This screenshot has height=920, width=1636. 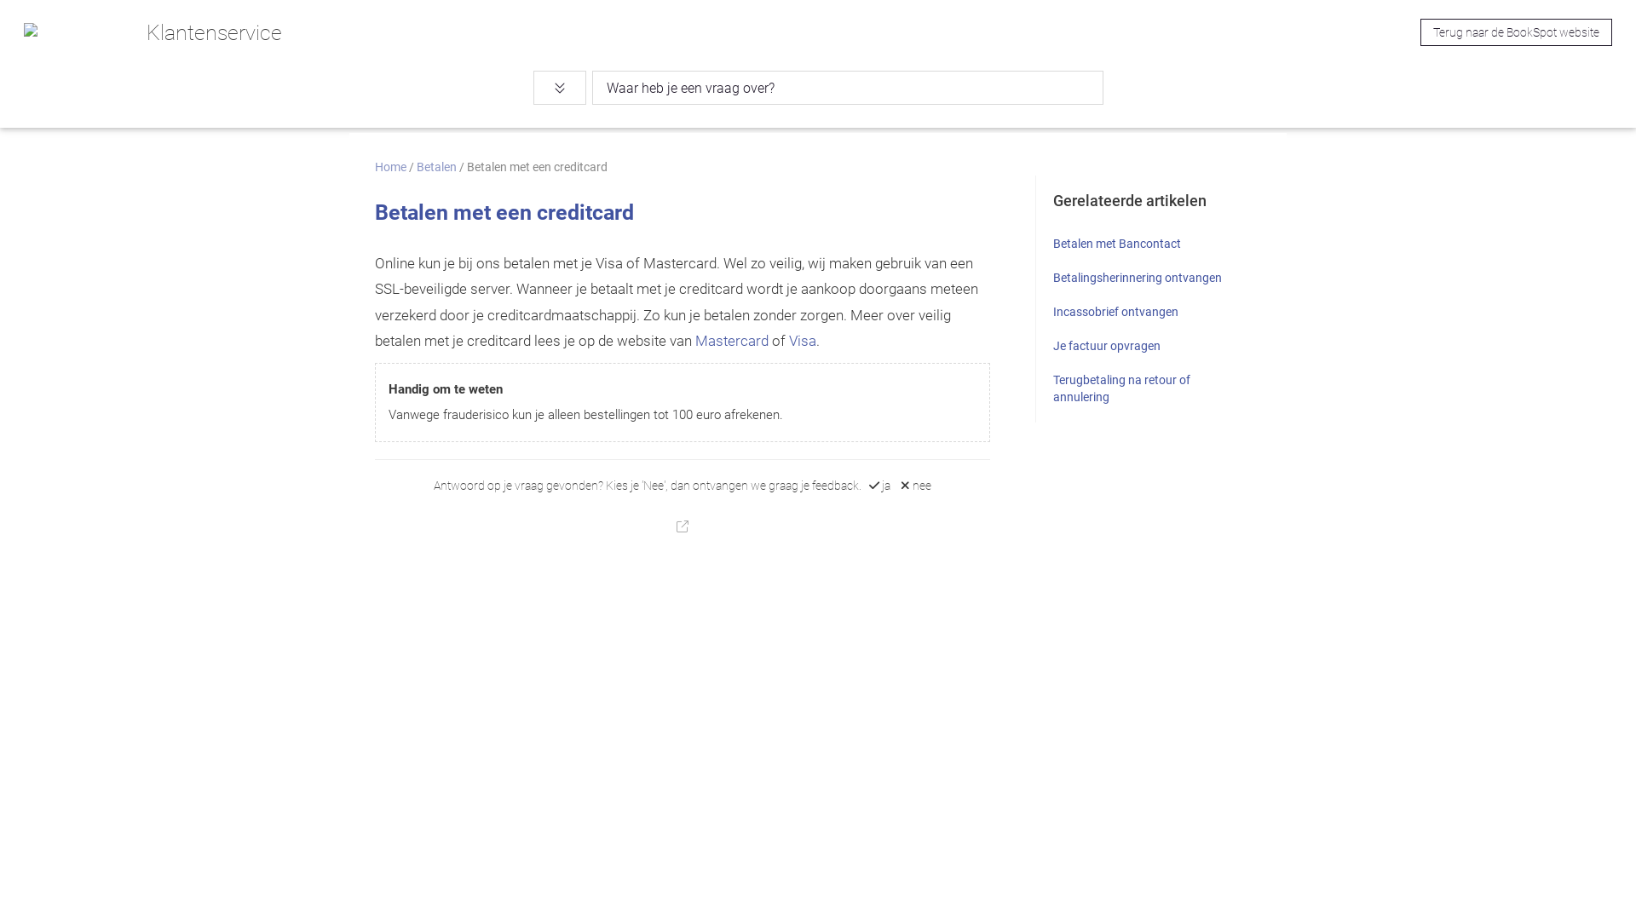 What do you see at coordinates (1116, 243) in the screenshot?
I see `'Betalen met Bancontact'` at bounding box center [1116, 243].